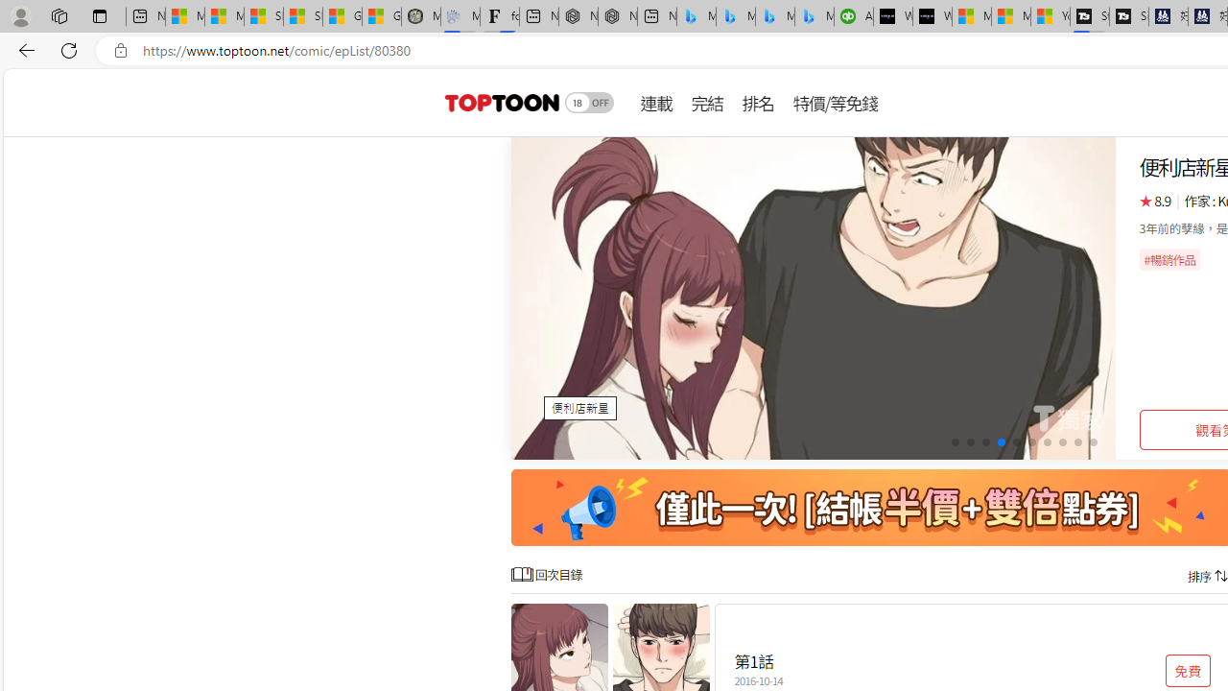 The image size is (1228, 691). What do you see at coordinates (815, 16) in the screenshot?
I see `'Microsoft Bing Travel - Shangri-La Hotel Bangkok'` at bounding box center [815, 16].